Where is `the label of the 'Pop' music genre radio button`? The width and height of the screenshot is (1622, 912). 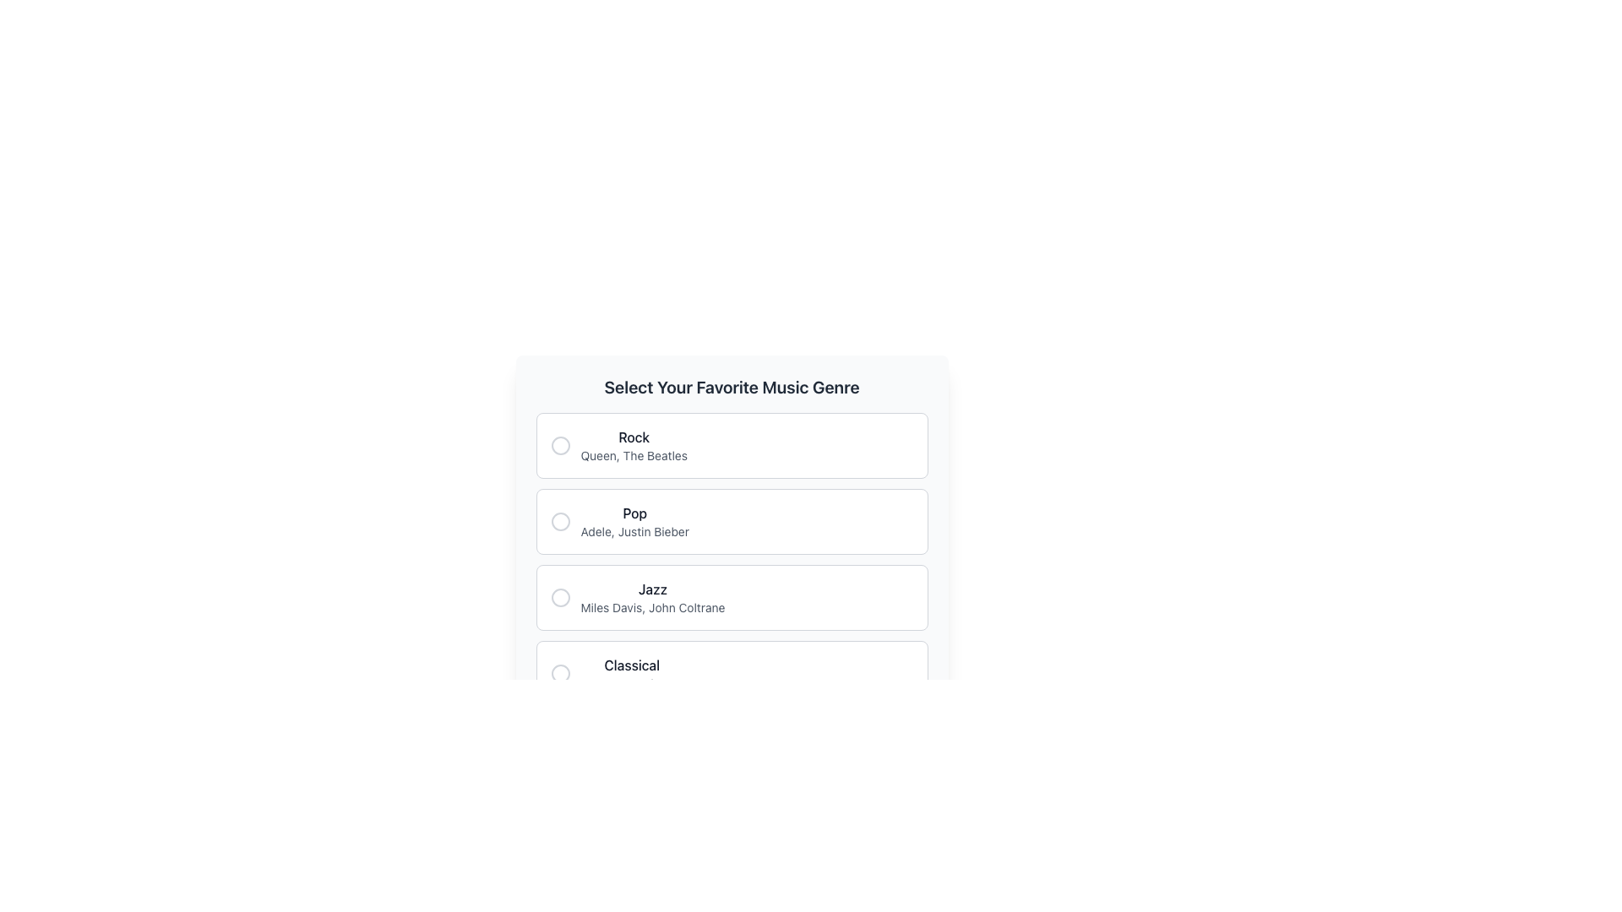 the label of the 'Pop' music genre radio button is located at coordinates (618, 520).